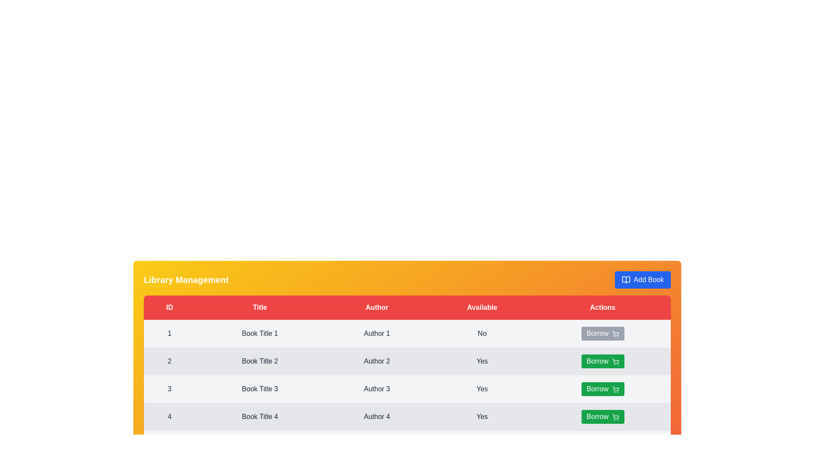 The height and width of the screenshot is (468, 832). What do you see at coordinates (643, 279) in the screenshot?
I see `'Add Book' button to initiate the process of adding a new book to the library` at bounding box center [643, 279].